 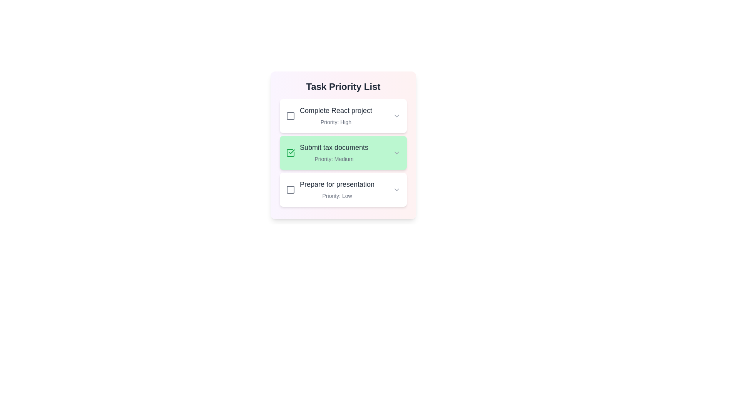 What do you see at coordinates (336, 111) in the screenshot?
I see `the task title to select it for editing or copying` at bounding box center [336, 111].